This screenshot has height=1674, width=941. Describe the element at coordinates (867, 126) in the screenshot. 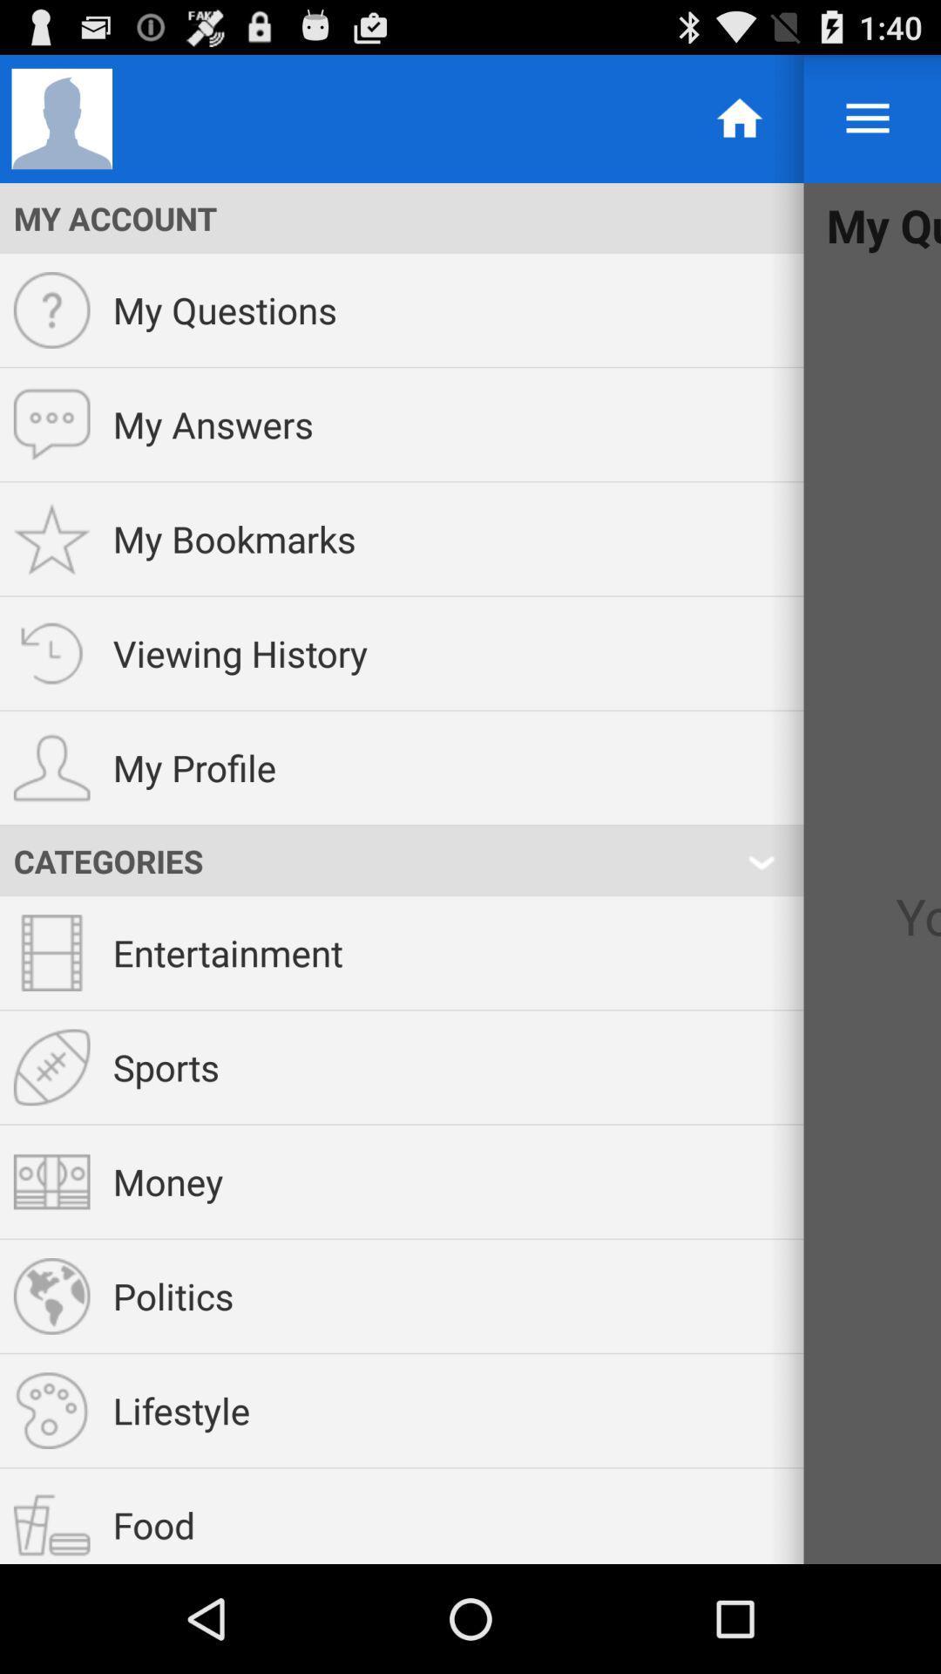

I see `the menu icon` at that location.